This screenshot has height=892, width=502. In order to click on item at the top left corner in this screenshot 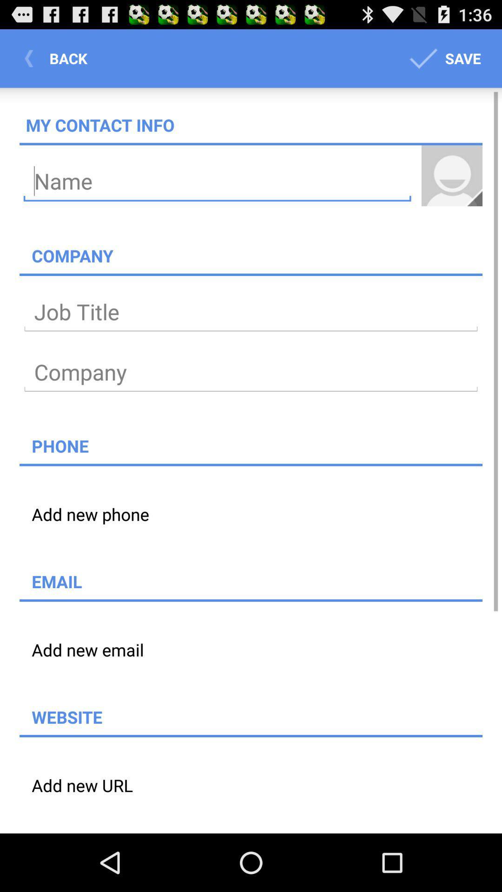, I will do `click(59, 58)`.